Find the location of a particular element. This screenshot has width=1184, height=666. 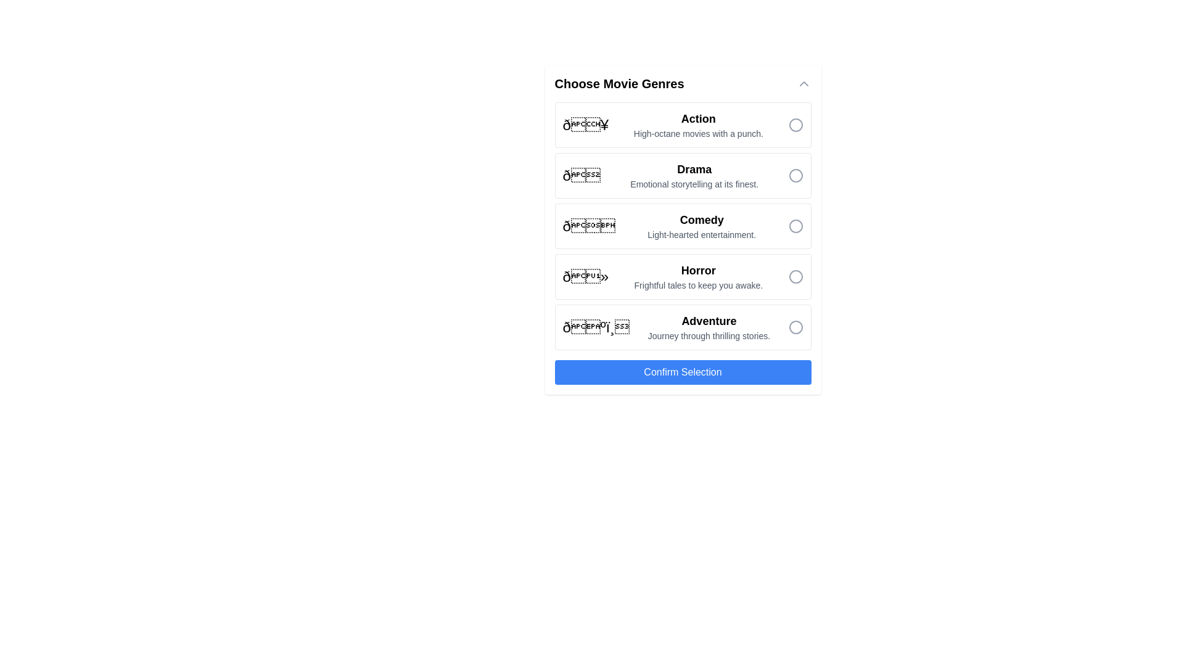

the Circle marker or radio button for the 'Adventure' genre and activate the selection is located at coordinates (795, 327).